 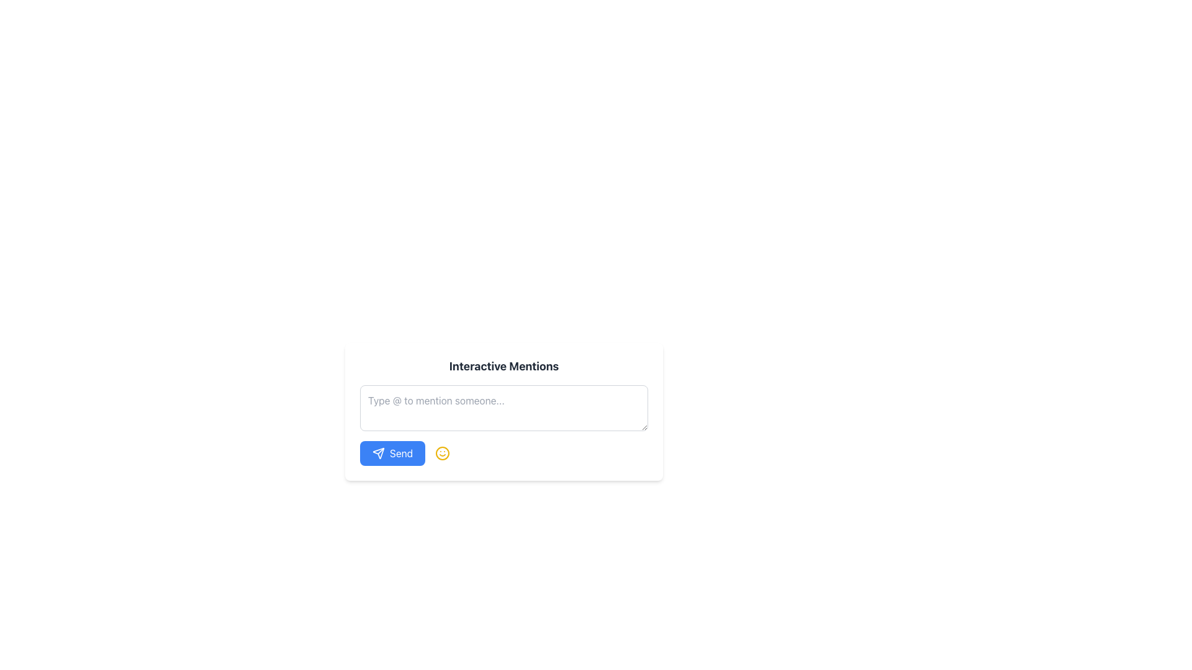 I want to click on the blue 'Send' button located in the lower-left section of the interaction box, so click(x=377, y=453).